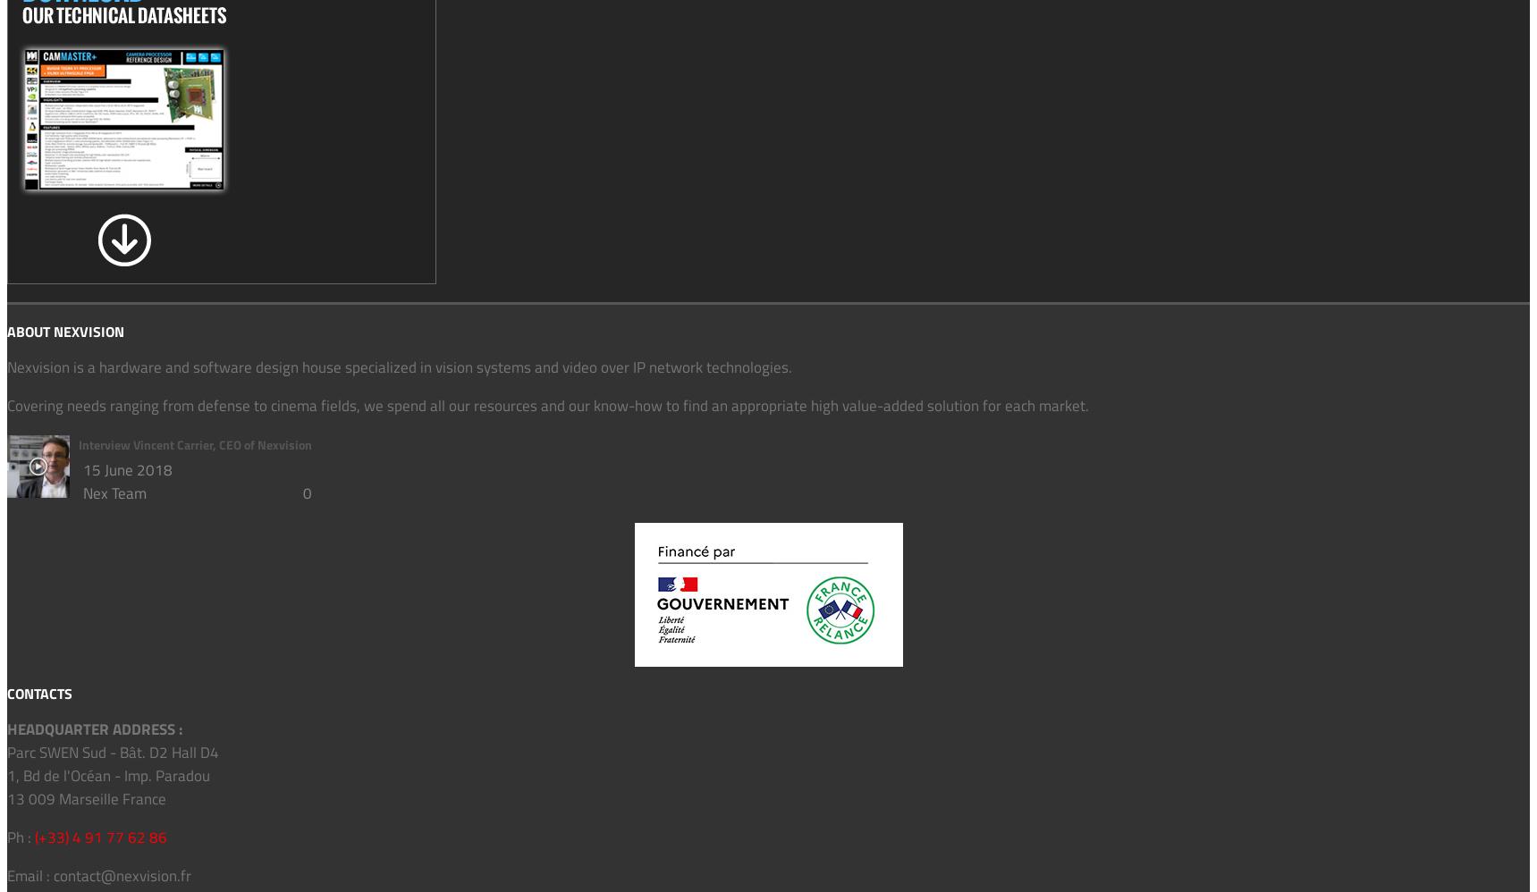 The image size is (1537, 892). What do you see at coordinates (113, 752) in the screenshot?
I see `'Parc SWEN Sud - Bât. D2 Hall D4'` at bounding box center [113, 752].